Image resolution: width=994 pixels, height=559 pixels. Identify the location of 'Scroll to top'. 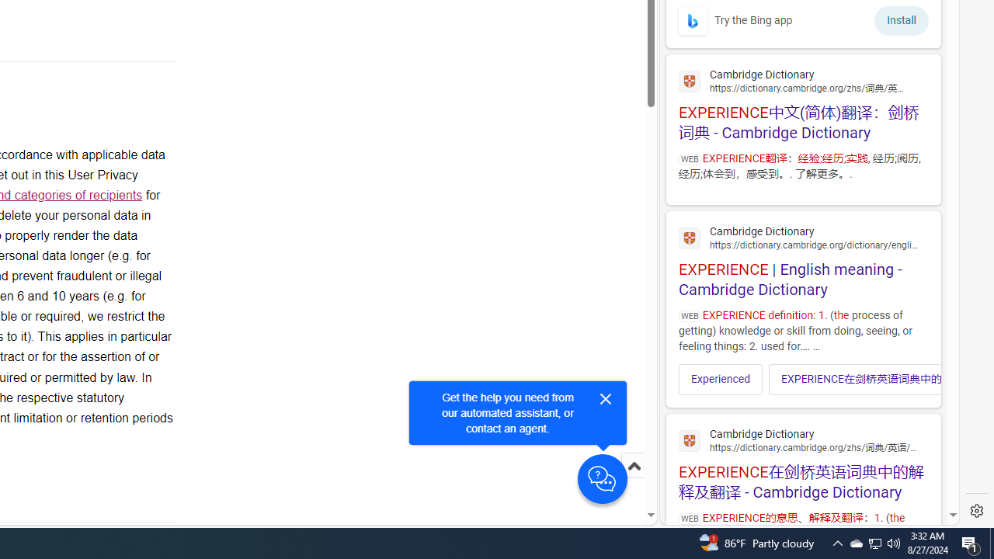
(634, 464).